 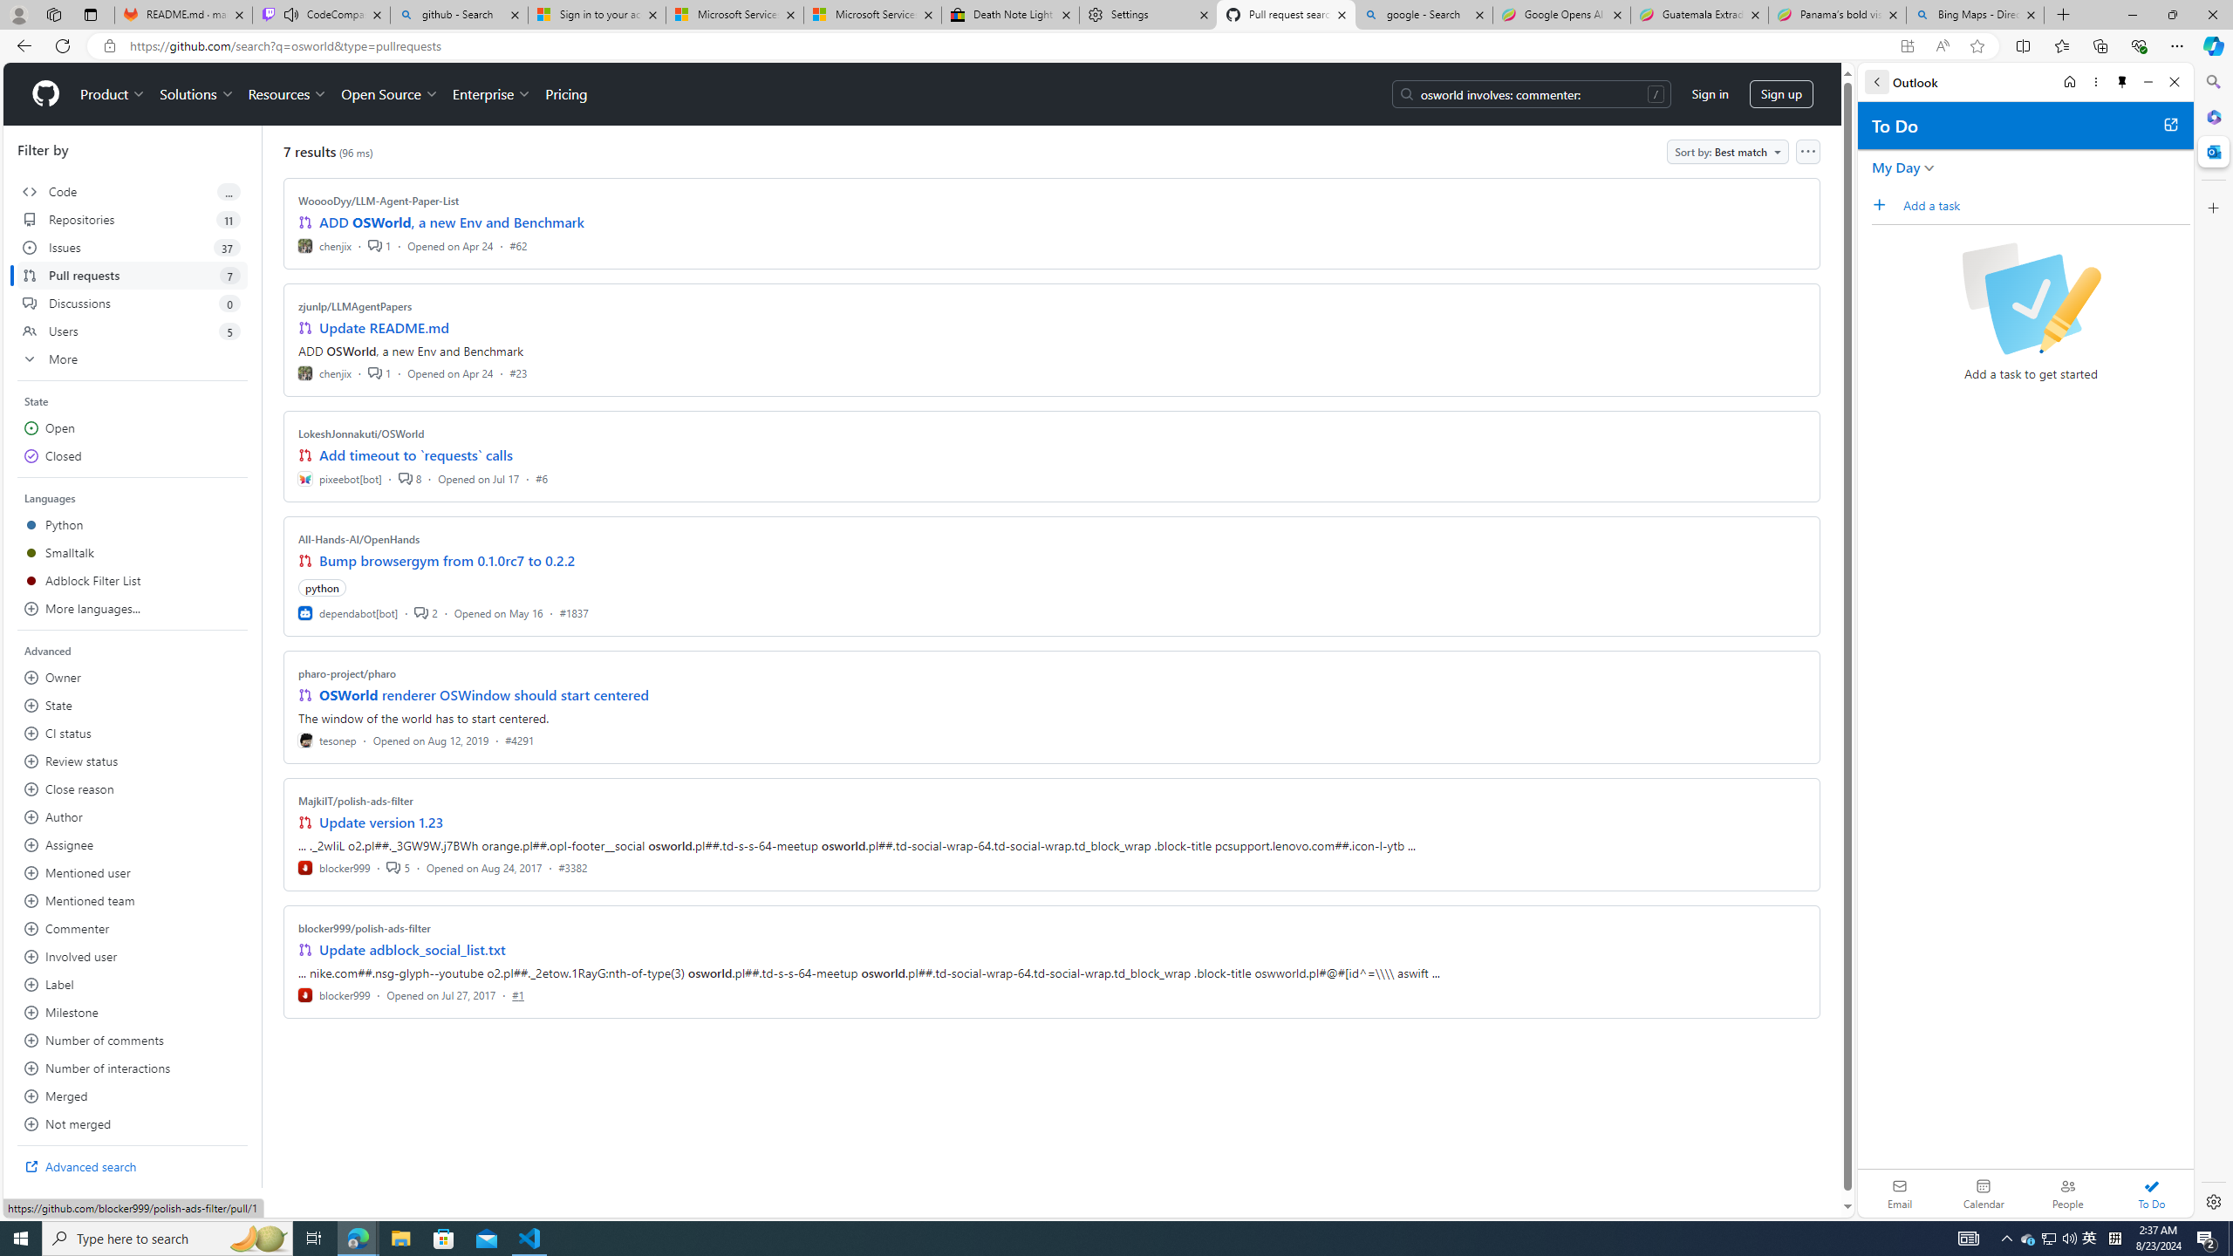 I want to click on 'People', so click(x=2066, y=1192).